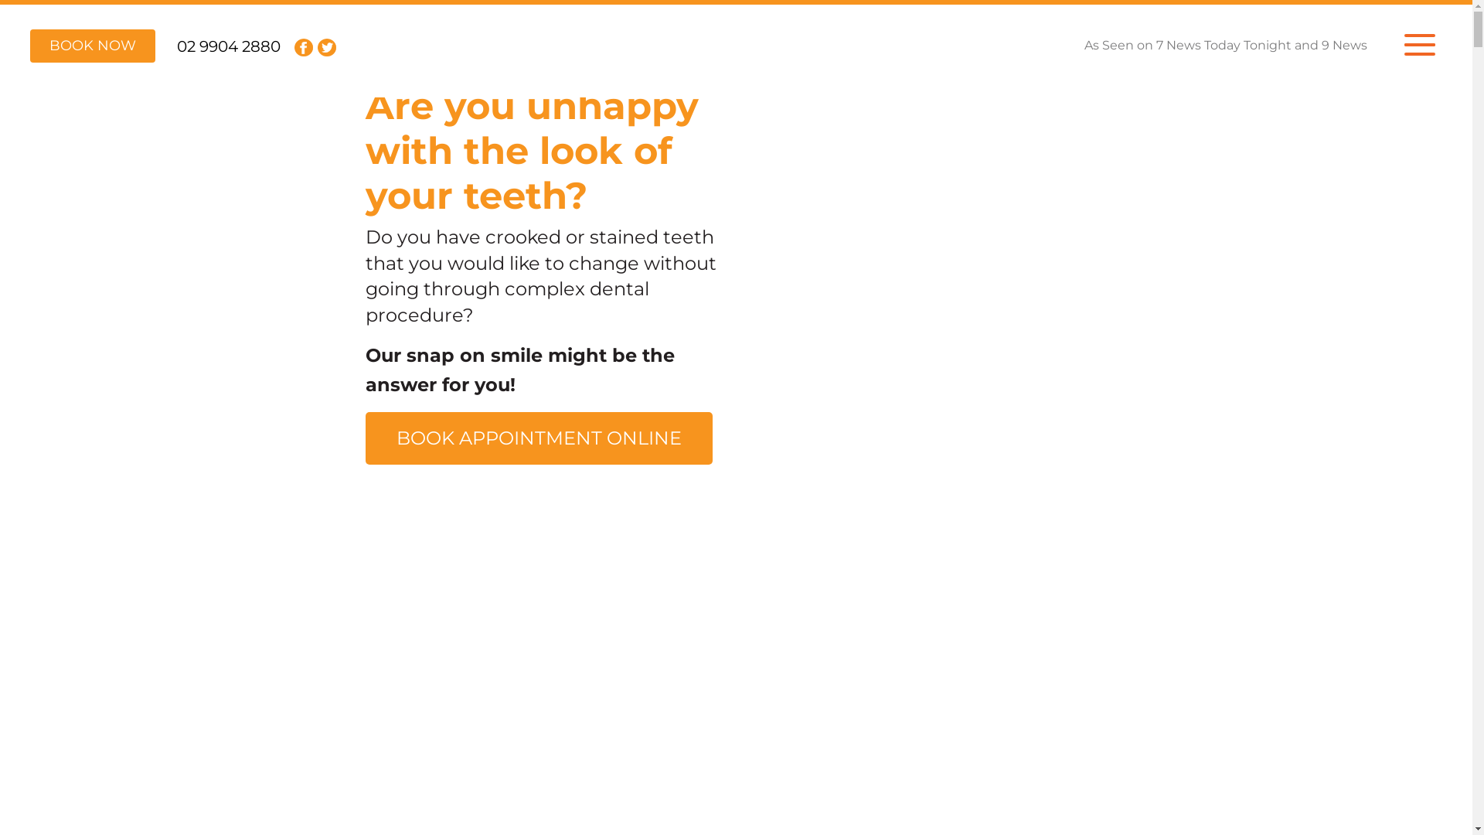  What do you see at coordinates (228, 46) in the screenshot?
I see `'02 9904 2880'` at bounding box center [228, 46].